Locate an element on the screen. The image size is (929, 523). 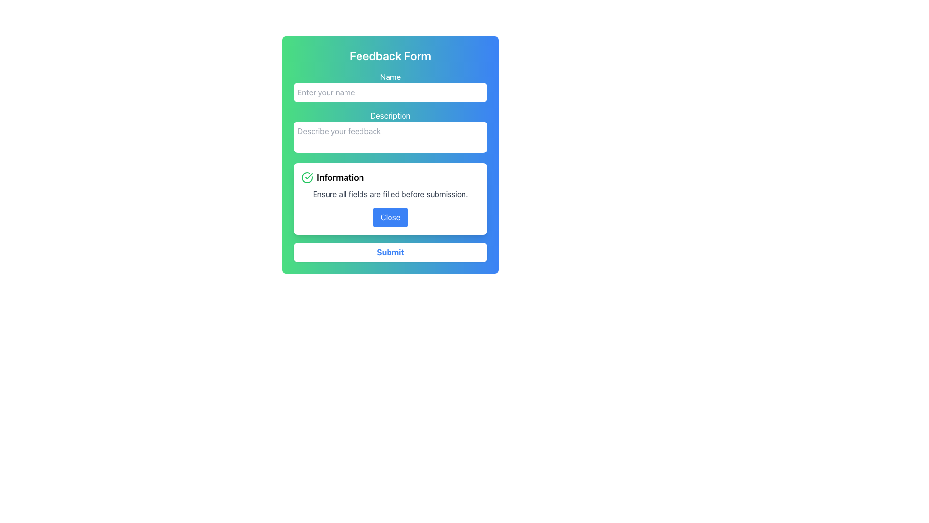
the 'Name' text input field to focus on it, allowing the user to enter their name in the Feedback Form is located at coordinates (390, 86).